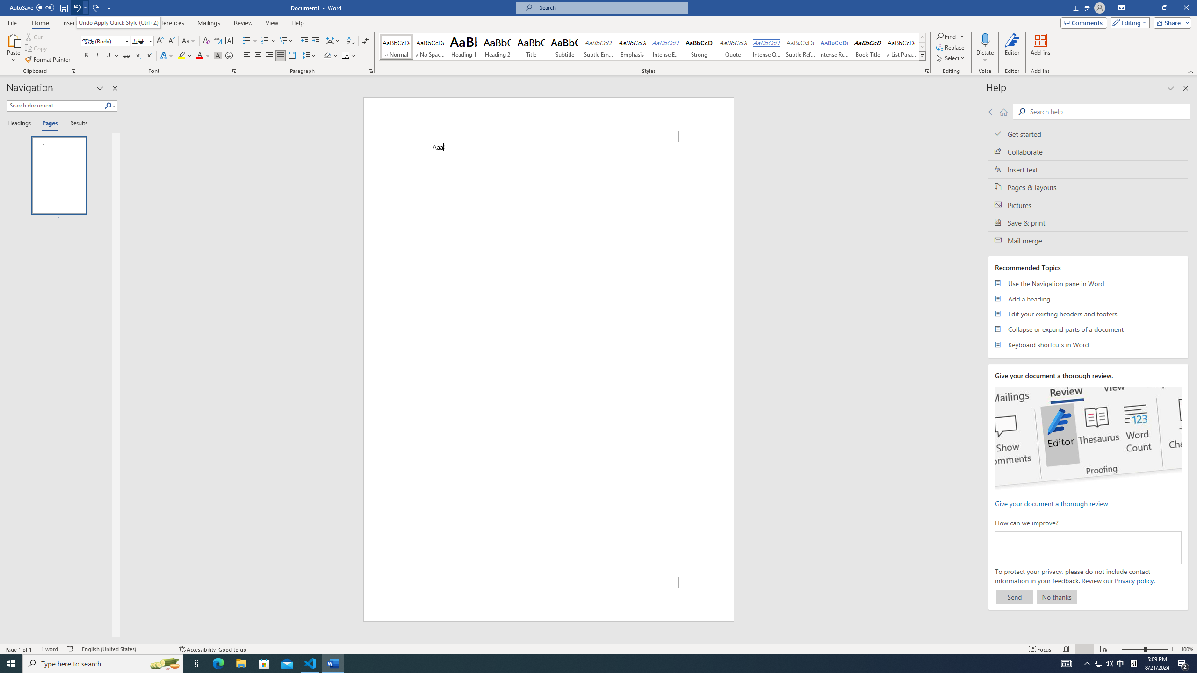 The height and width of the screenshot is (673, 1197). I want to click on 'Center', so click(257, 55).